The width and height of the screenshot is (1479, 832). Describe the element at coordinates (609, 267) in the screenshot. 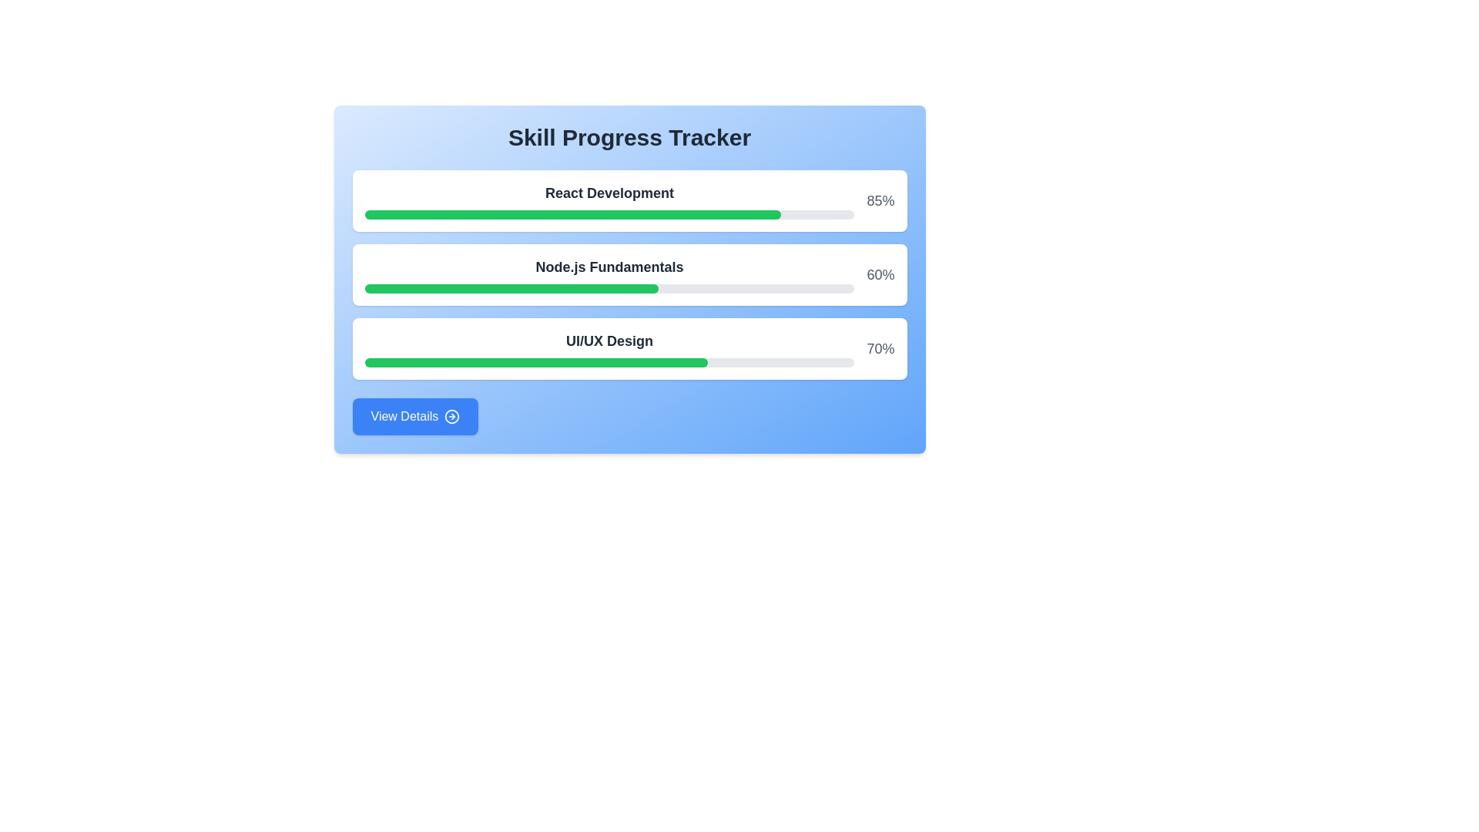

I see `the text label that identifies the skill associated with the progress bar, positioned between 'React Development' and 'UI/UX Design'` at that location.